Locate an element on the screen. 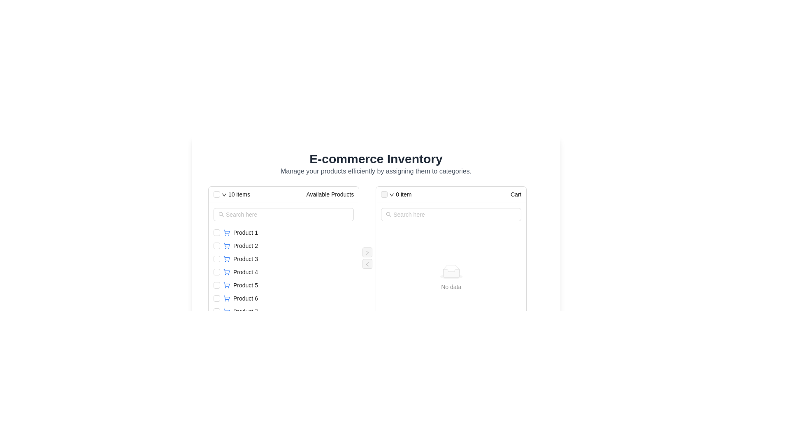 This screenshot has height=444, width=790. the search bar in the dual-panel product transfer interface is located at coordinates (375, 258).